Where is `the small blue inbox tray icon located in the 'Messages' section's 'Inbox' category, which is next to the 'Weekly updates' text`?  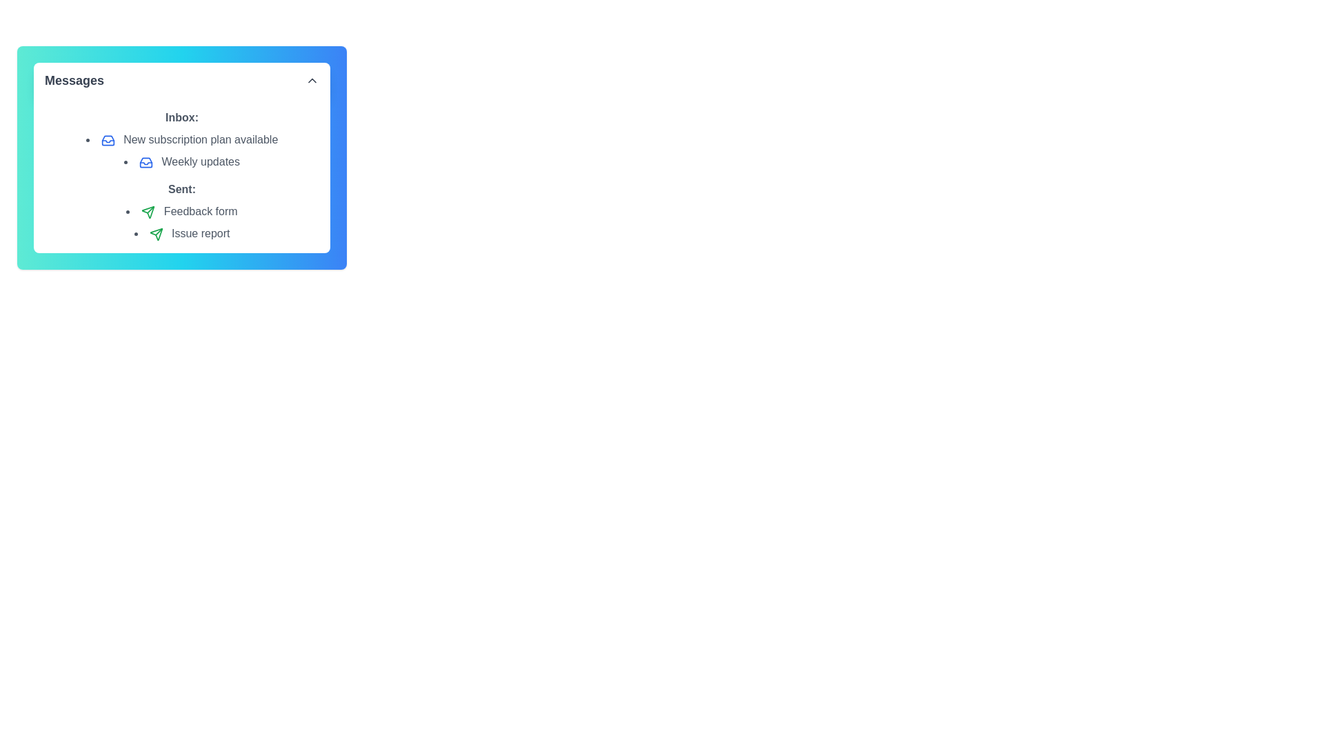
the small blue inbox tray icon located in the 'Messages' section's 'Inbox' category, which is next to the 'Weekly updates' text is located at coordinates (146, 161).